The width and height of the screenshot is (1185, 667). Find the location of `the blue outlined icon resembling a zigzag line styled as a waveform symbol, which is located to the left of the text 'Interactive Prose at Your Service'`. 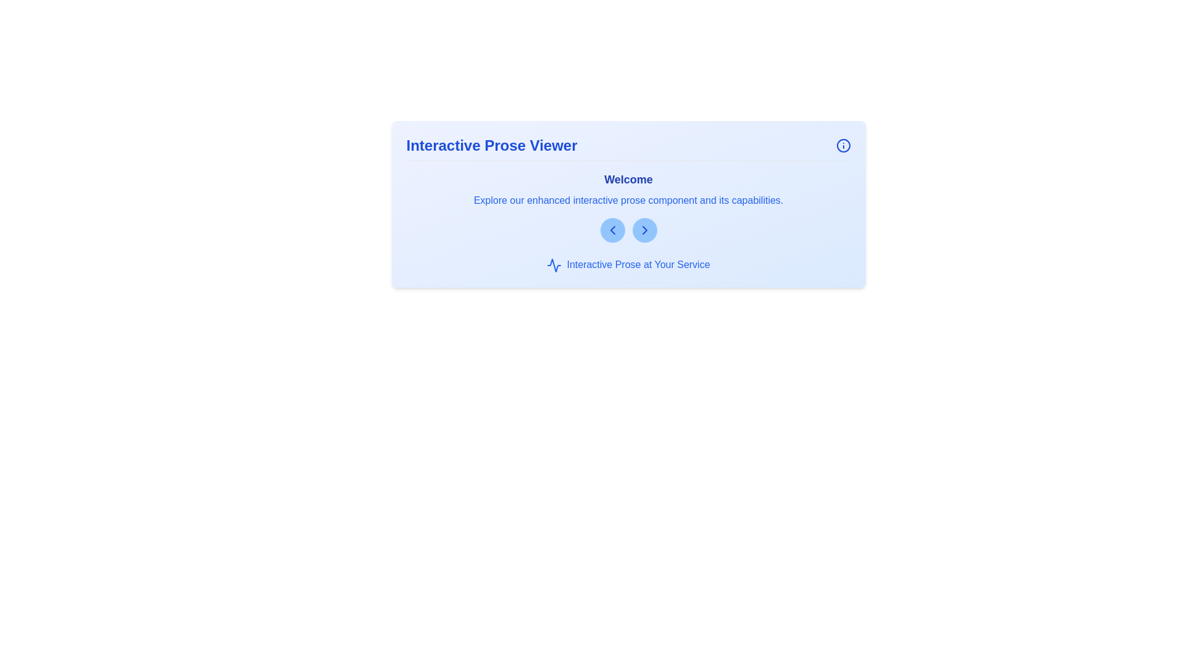

the blue outlined icon resembling a zigzag line styled as a waveform symbol, which is located to the left of the text 'Interactive Prose at Your Service' is located at coordinates (554, 264).